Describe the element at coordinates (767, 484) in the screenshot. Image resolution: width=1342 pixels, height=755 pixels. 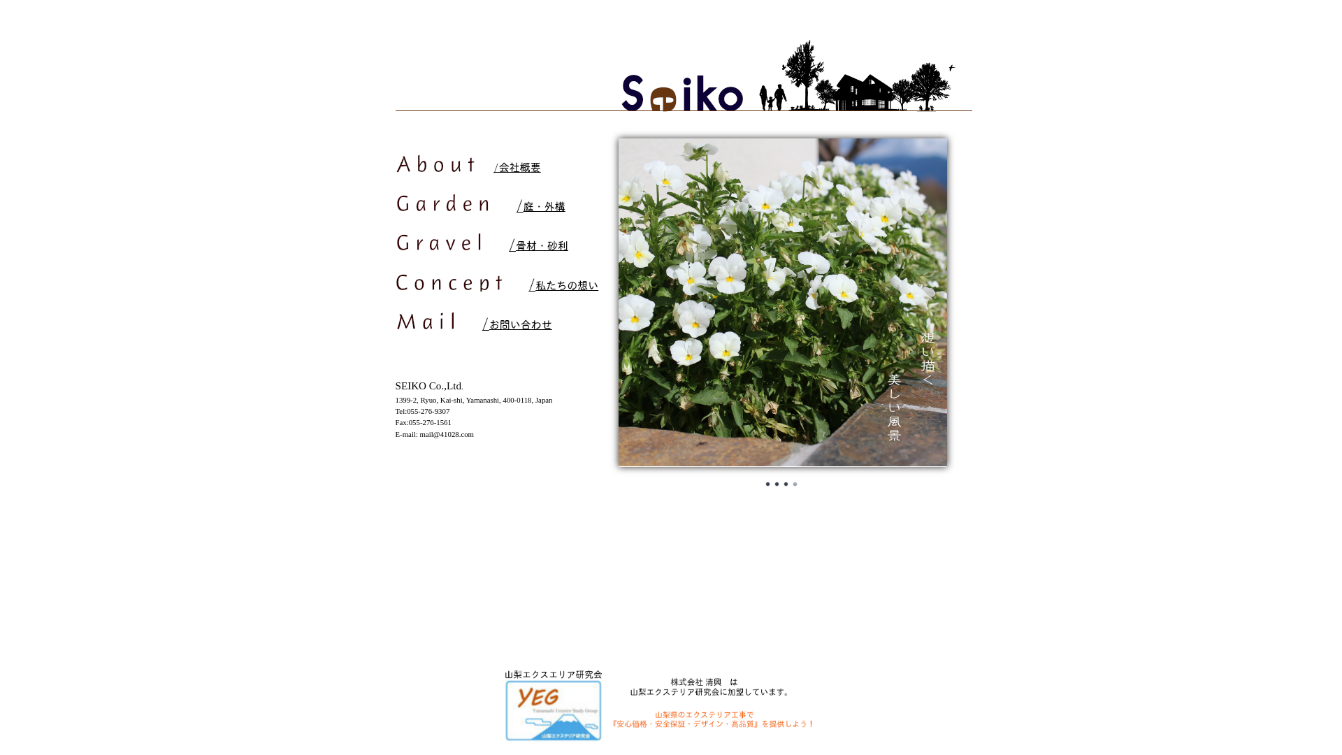
I see `'1'` at that location.